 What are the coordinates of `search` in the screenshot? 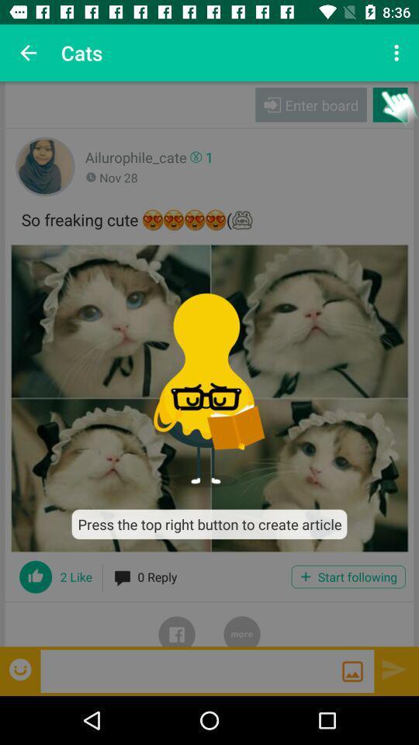 It's located at (352, 670).